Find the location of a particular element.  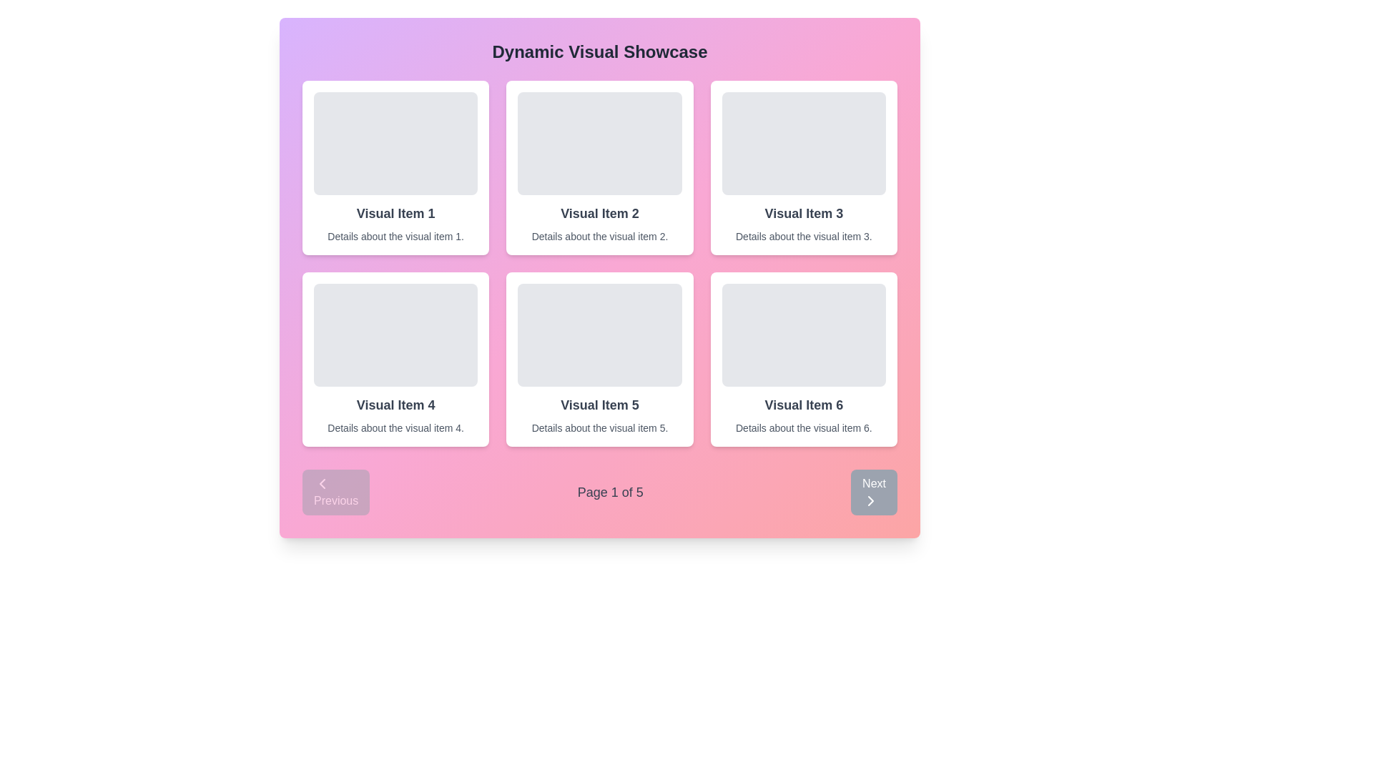

the text label providing additional context for 'Visual Item 4' to check for any additional functionality is located at coordinates (395, 427).